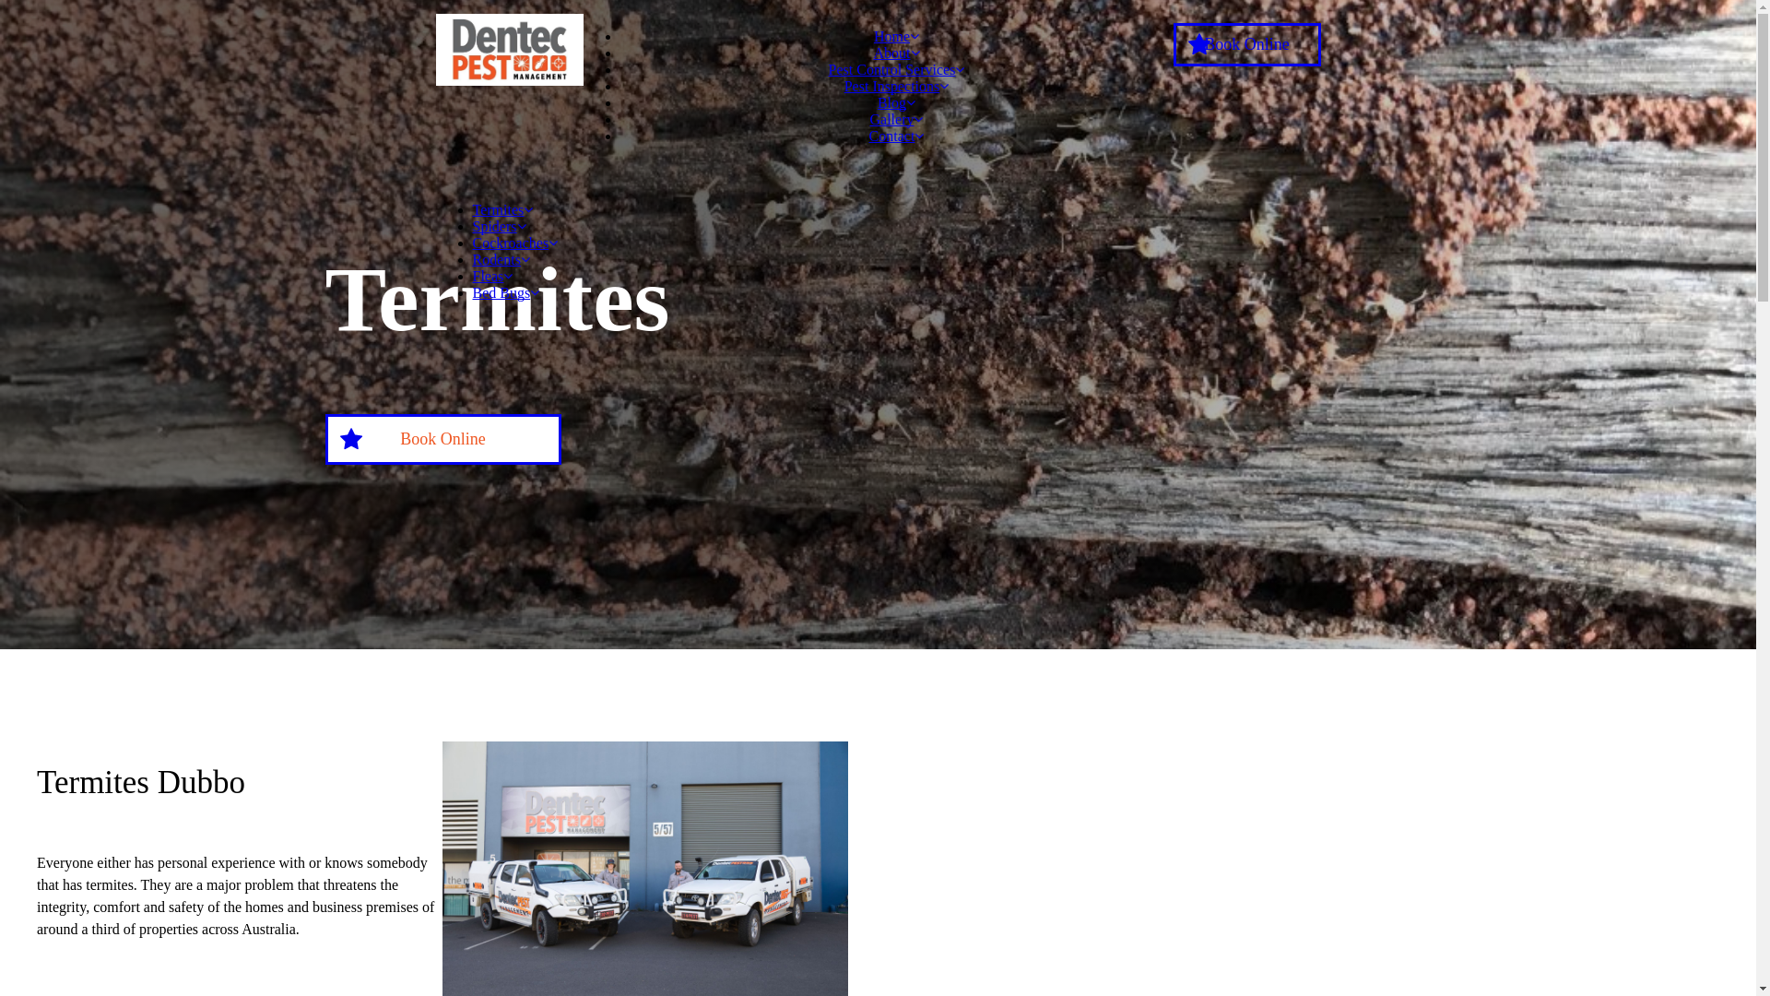 The image size is (1770, 996). Describe the element at coordinates (896, 102) in the screenshot. I see `'Blog'` at that location.